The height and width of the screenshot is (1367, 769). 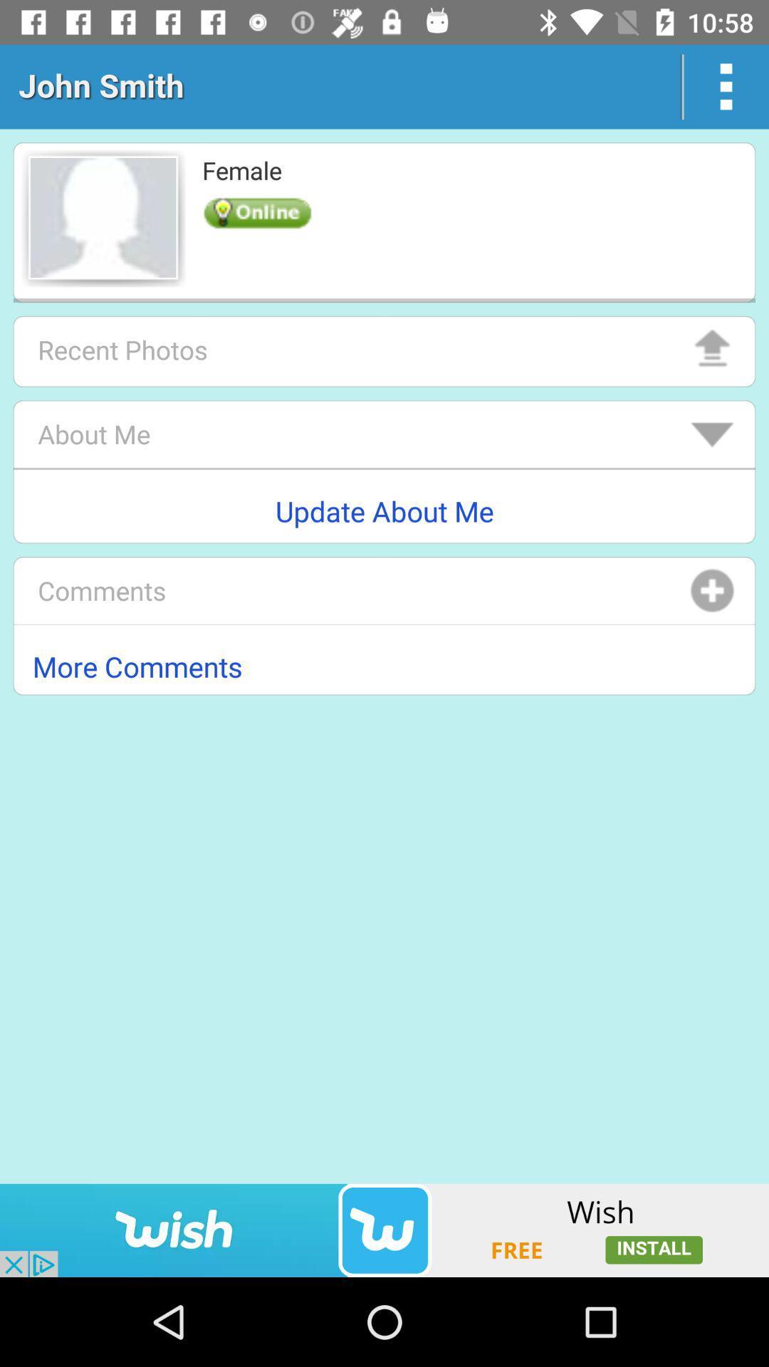 I want to click on the add icon, so click(x=712, y=590).